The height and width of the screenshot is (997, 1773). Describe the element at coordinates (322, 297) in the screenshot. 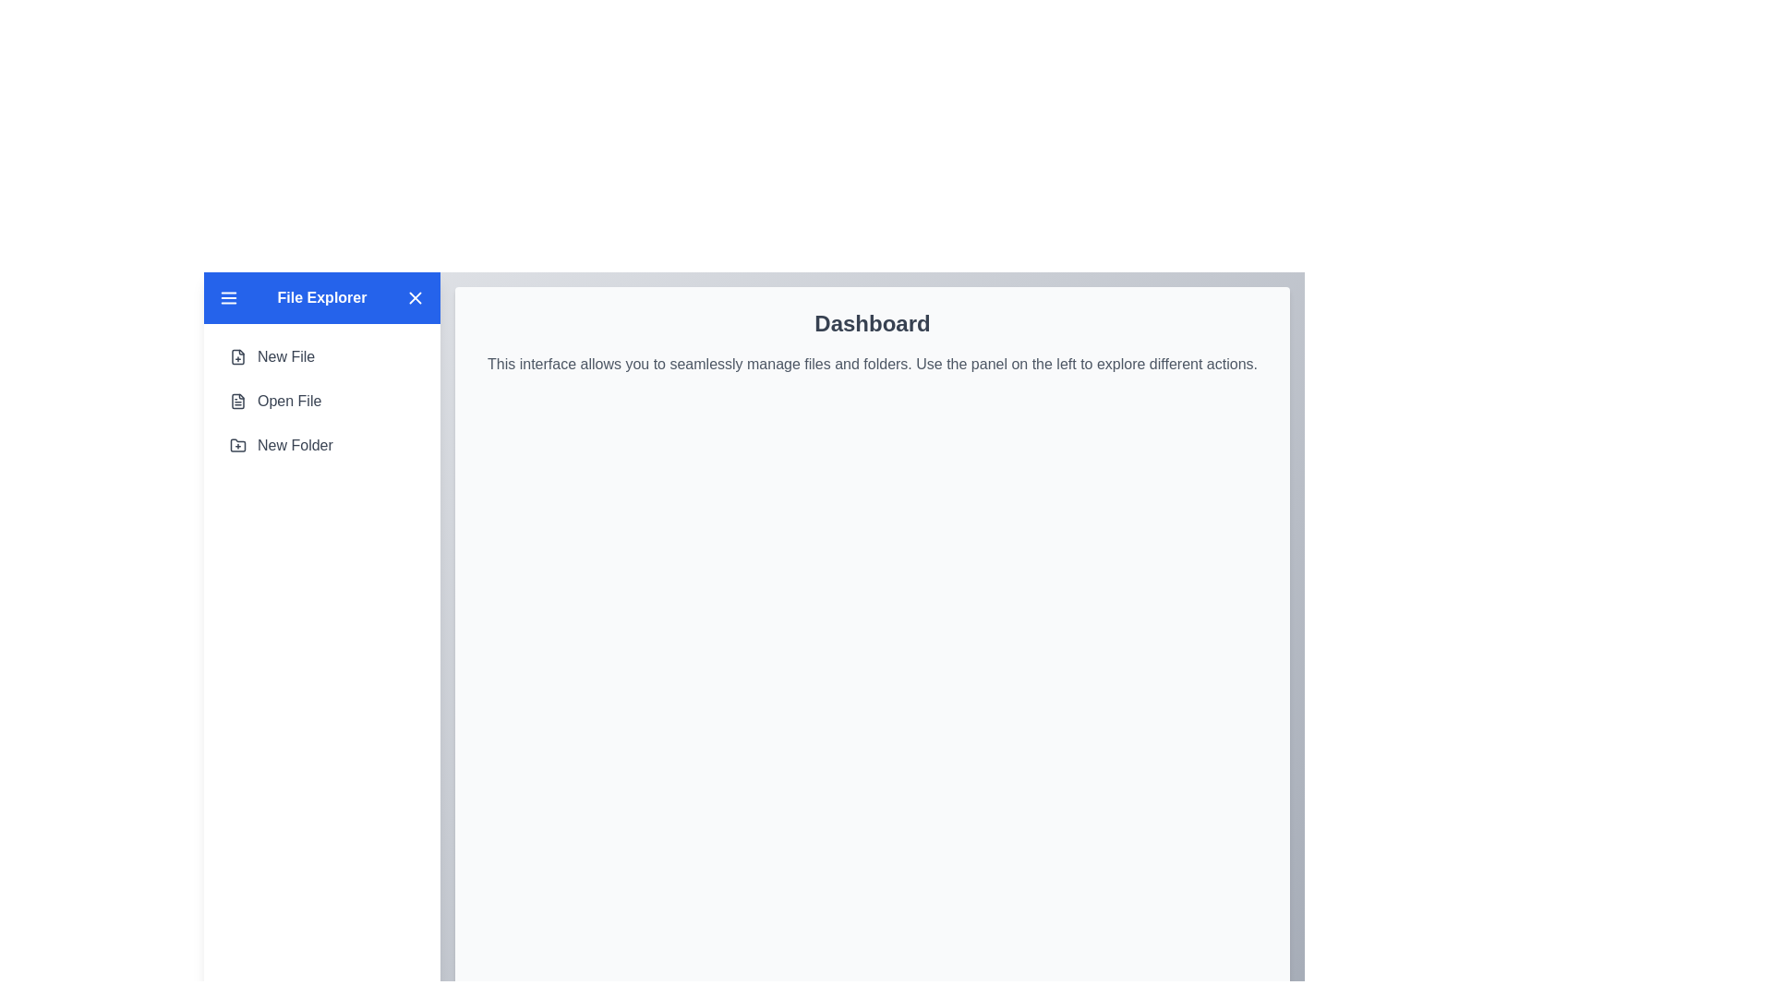

I see `the bold text label 'File Explorer' which is styled in white on a blue background, located in the header section of the left sidebar` at that location.